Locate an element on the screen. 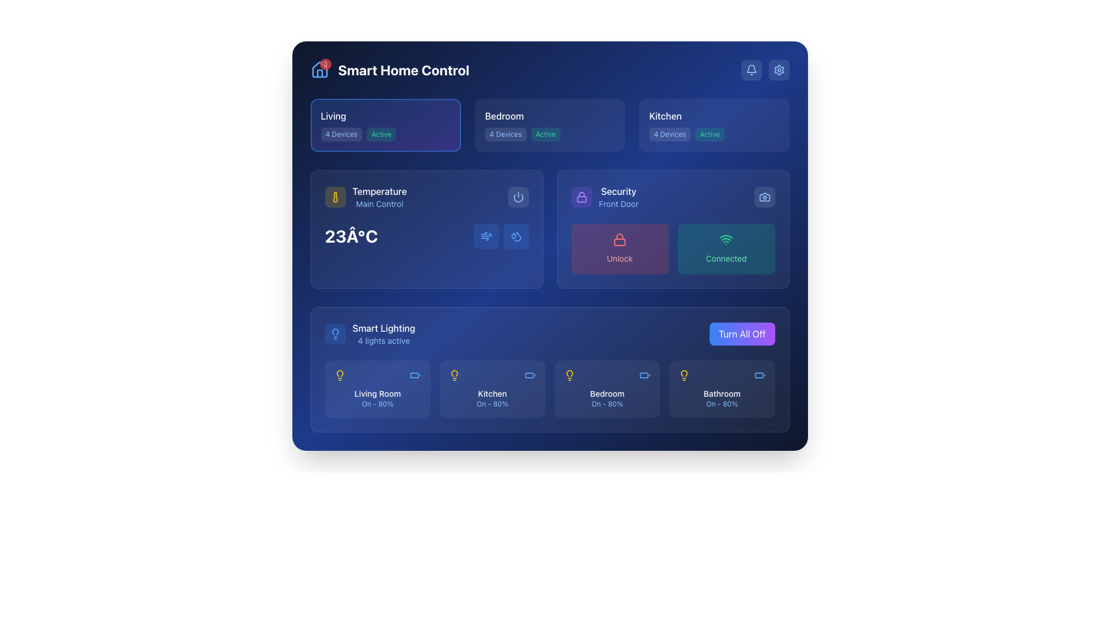 Image resolution: width=1105 pixels, height=621 pixels. text label that serves as the identifier for the 'Front Door' security feature, located in the top-right corner of the 'Security' card, right of the purple lock icon and above the 'Unlock' button is located at coordinates (618, 197).